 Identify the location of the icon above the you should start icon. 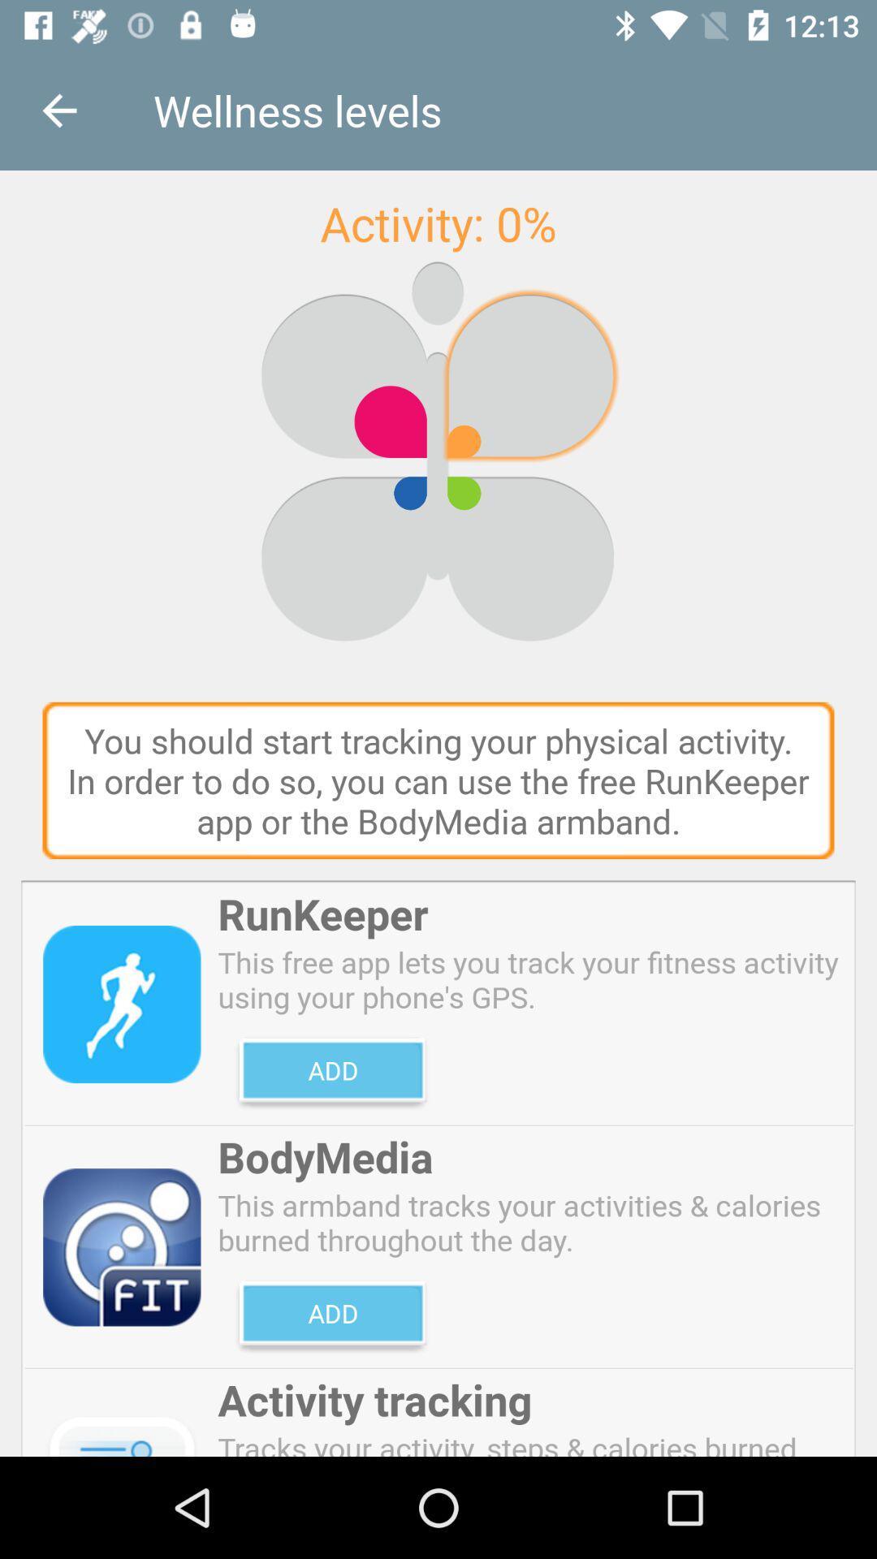
(58, 110).